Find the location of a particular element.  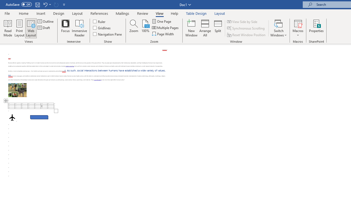

'Navigation Pane' is located at coordinates (107, 34).